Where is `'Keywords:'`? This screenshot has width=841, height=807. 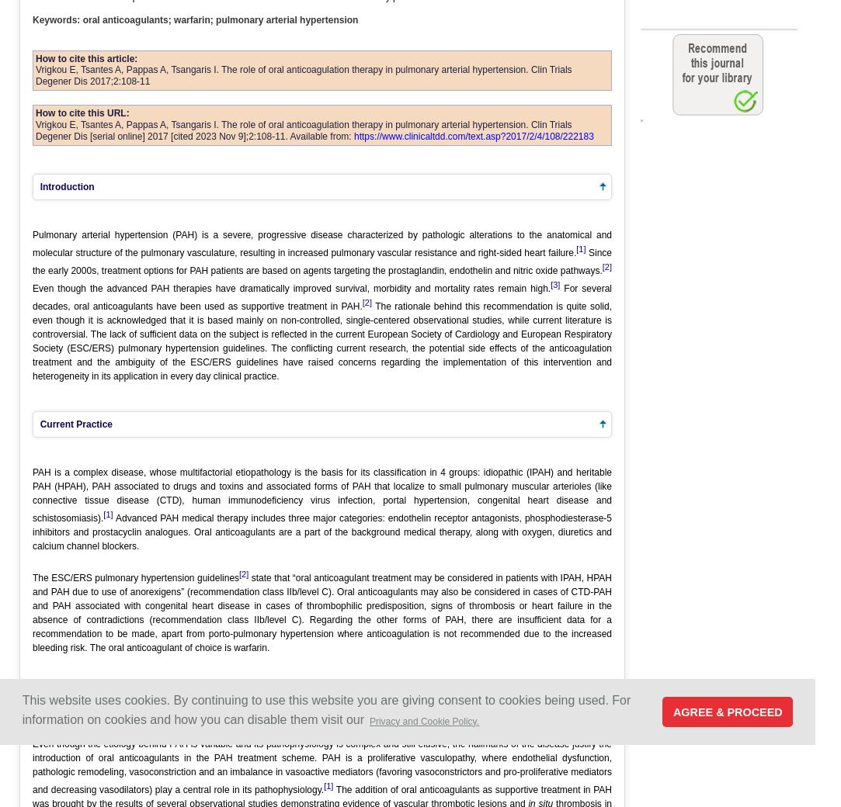 'Keywords:' is located at coordinates (55, 18).